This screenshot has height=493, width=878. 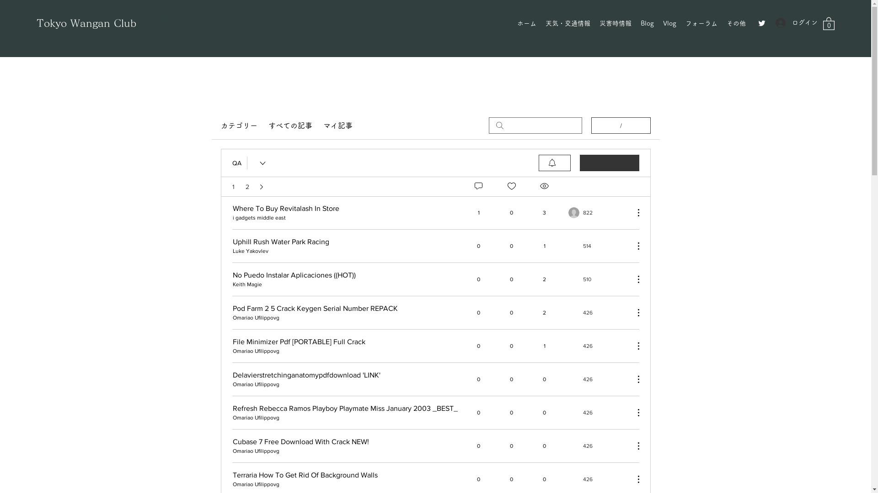 What do you see at coordinates (280, 241) in the screenshot?
I see `'Uphill Rush Water Park Racing'` at bounding box center [280, 241].